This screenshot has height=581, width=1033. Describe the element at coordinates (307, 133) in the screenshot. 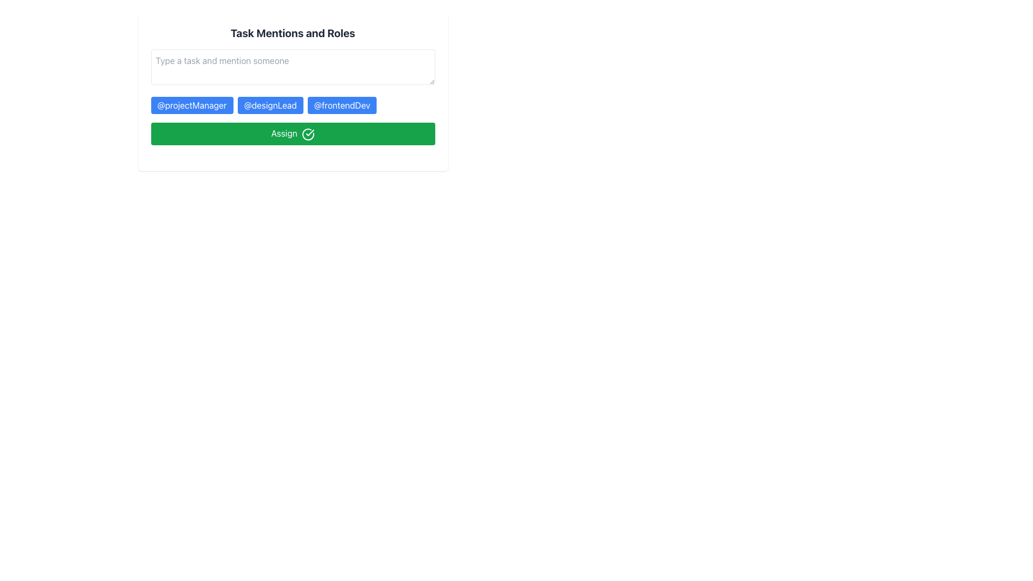

I see `the circular icon with a checkmark inside, which is styled with a green background and white outline, representing success or confirmation, located at the center-bottom of the 'Assign' button` at that location.